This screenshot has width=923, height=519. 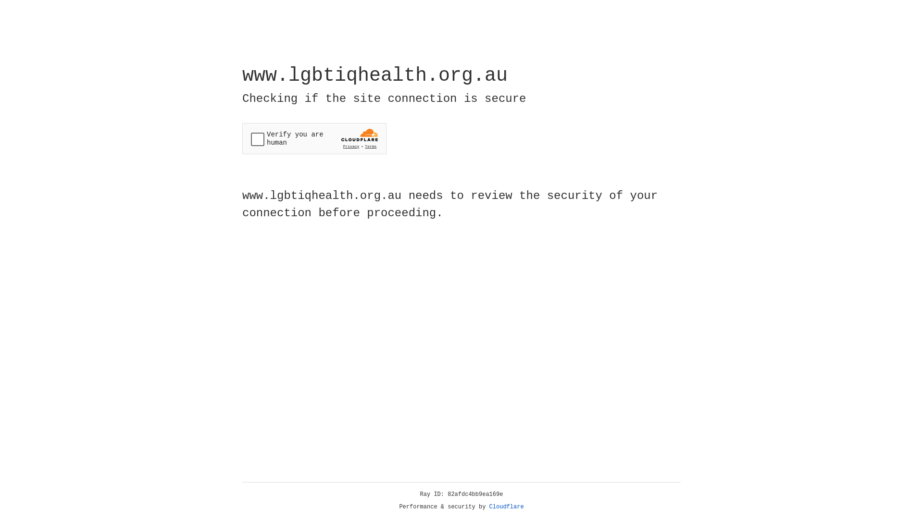 I want to click on 'Widget containing a Cloudflare security challenge', so click(x=314, y=138).